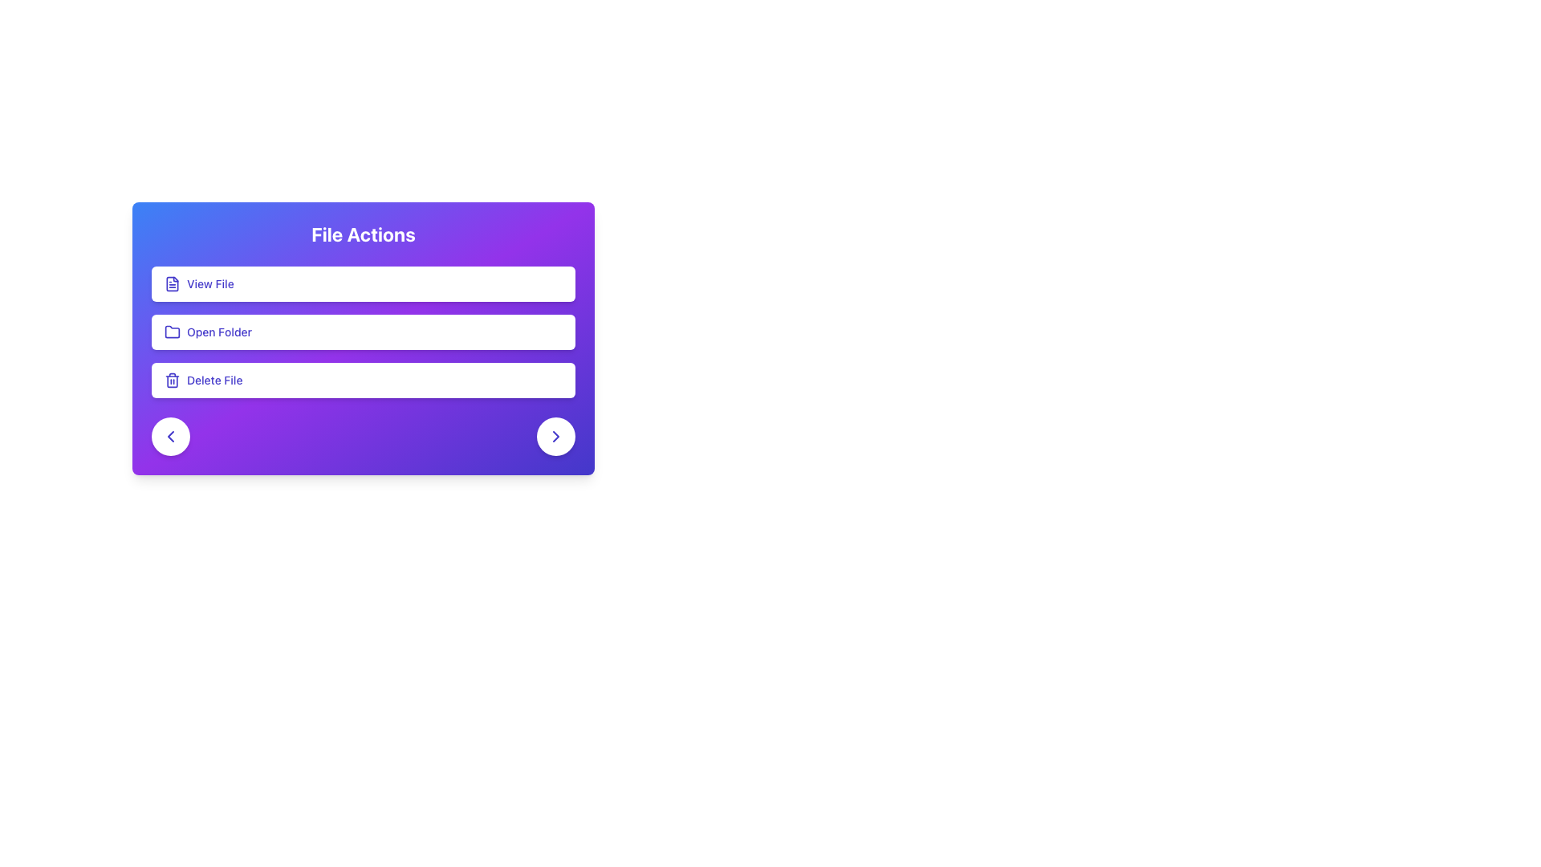 The width and height of the screenshot is (1541, 867). Describe the element at coordinates (173, 283) in the screenshot. I see `the document file icon located in the 'File Actions' box` at that location.